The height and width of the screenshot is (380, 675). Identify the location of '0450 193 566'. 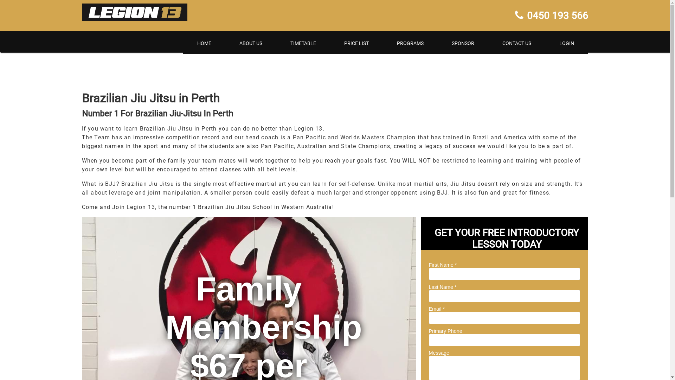
(551, 15).